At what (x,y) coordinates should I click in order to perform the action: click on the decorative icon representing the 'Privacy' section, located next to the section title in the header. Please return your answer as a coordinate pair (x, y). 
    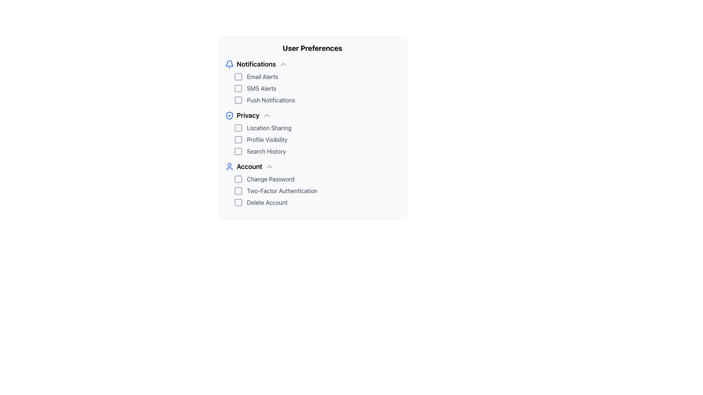
    Looking at the image, I should click on (229, 115).